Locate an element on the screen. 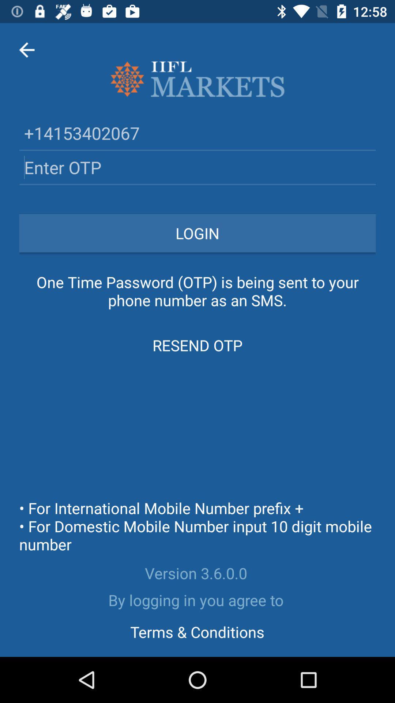 Image resolution: width=395 pixels, height=703 pixels. otp textbox is located at coordinates (197, 167).